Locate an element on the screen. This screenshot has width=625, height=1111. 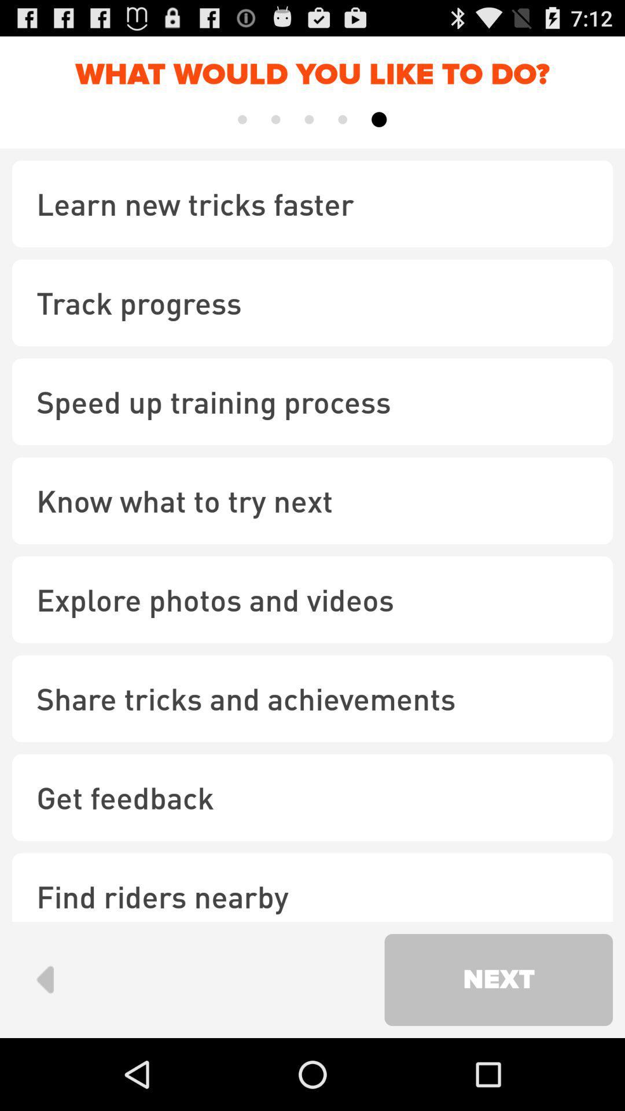
the icon to the left of the next item is located at coordinates (44, 979).